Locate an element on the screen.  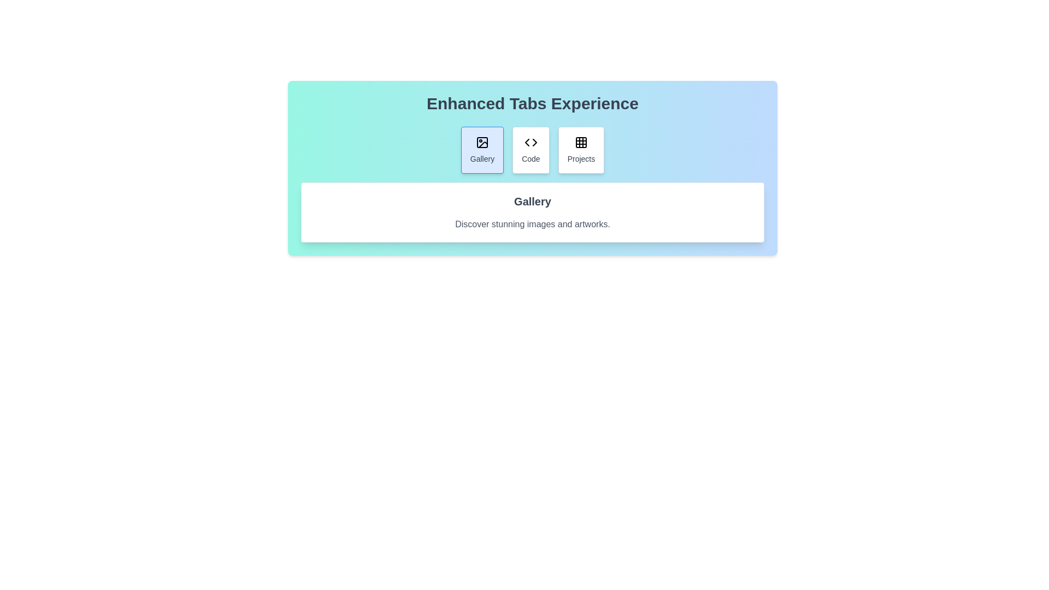
the tab labeled Projects to switch its content is located at coordinates (580, 150).